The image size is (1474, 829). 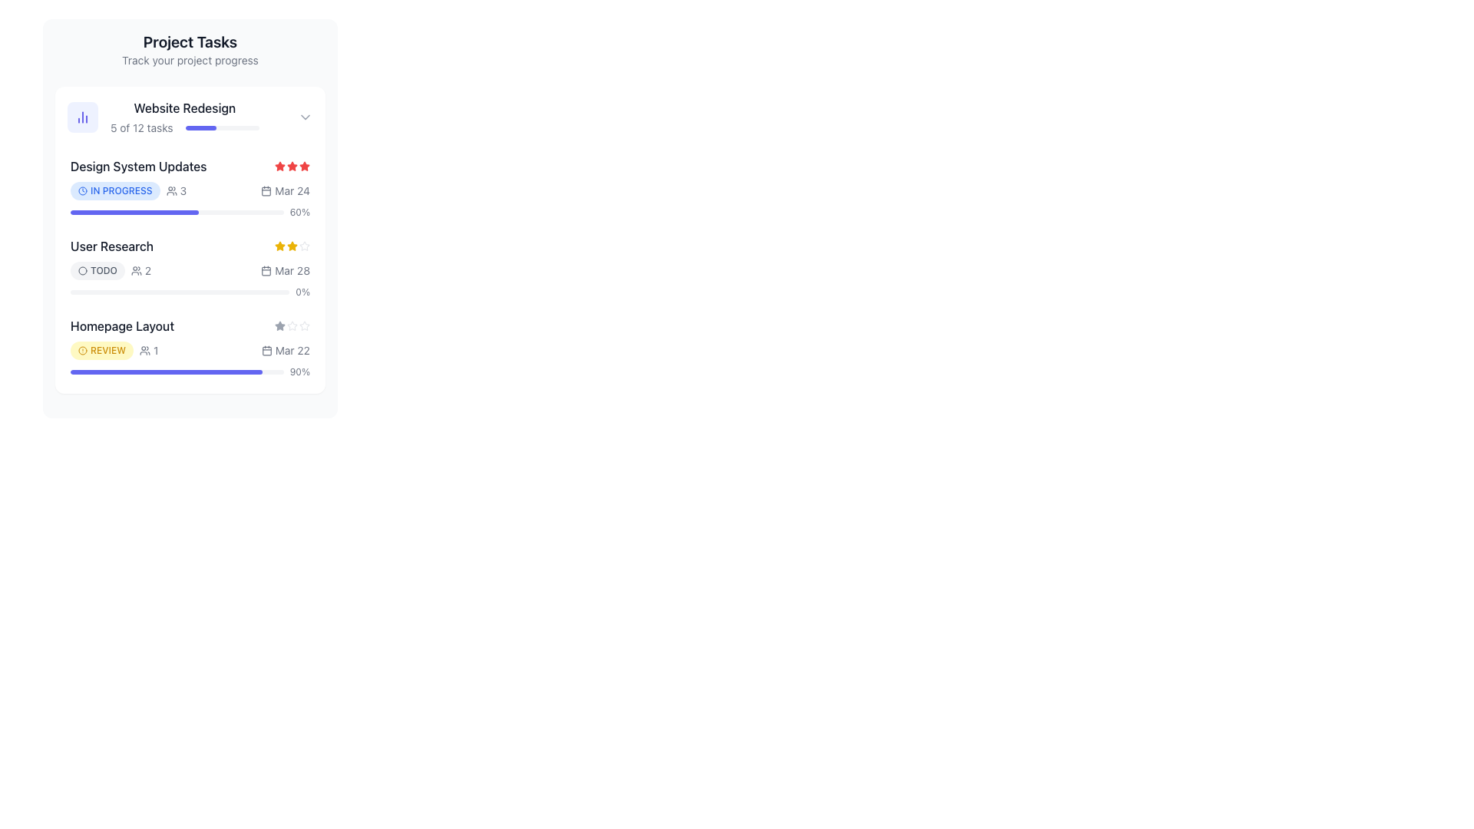 I want to click on the text label that reads 'Website Redesign', which is positioned at the upper section of a task card, directly above the progress details '5 of 12 tasks', so click(x=184, y=107).